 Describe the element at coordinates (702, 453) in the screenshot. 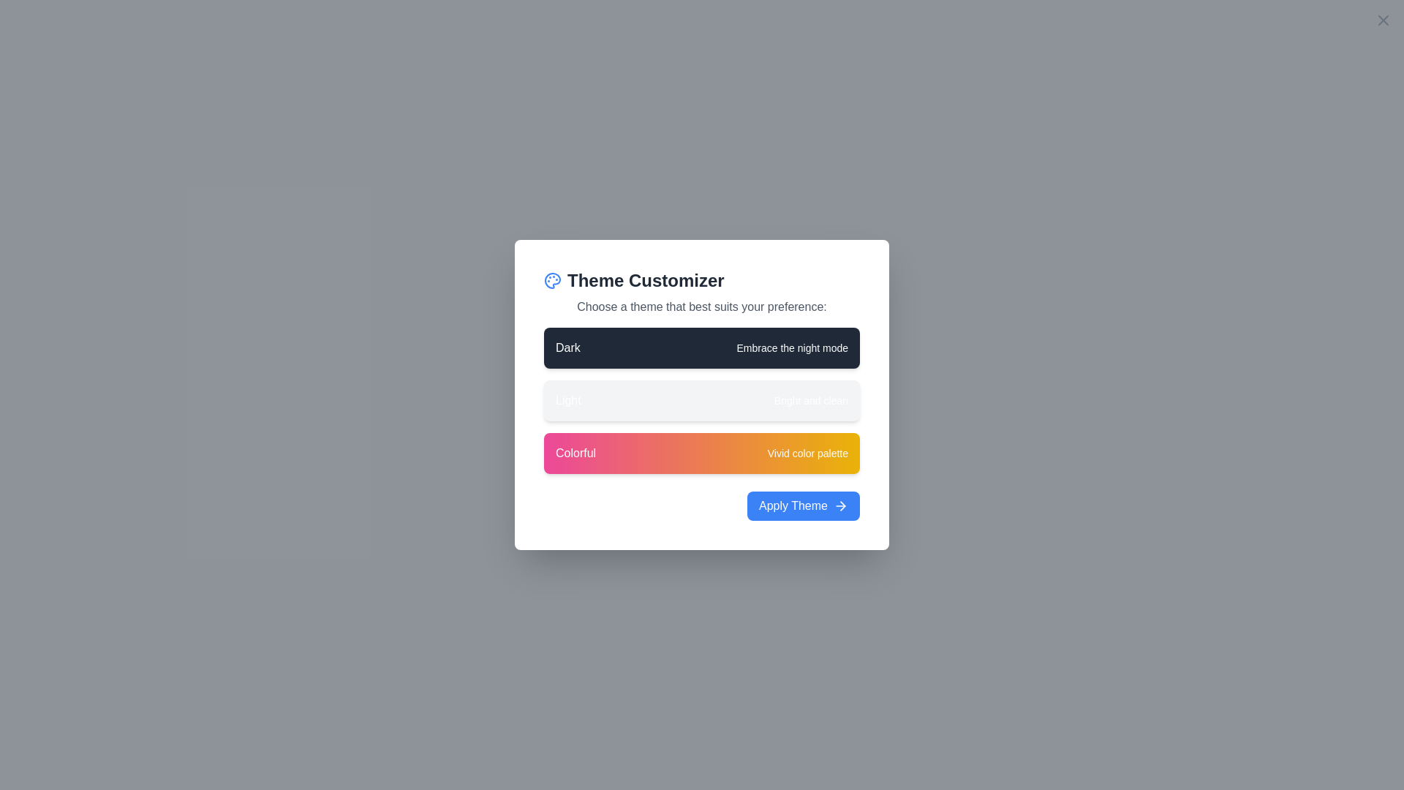

I see `the 'Colorful' theme button, which is the third button in a vertical stack located below the 'Dark' and 'Light' theme buttons` at that location.